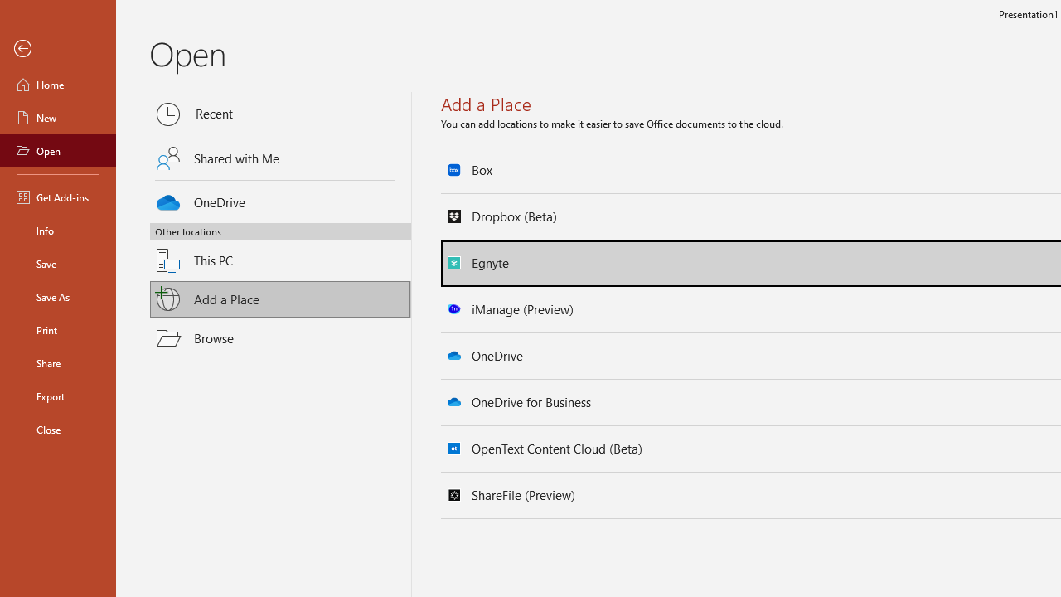 Image resolution: width=1061 pixels, height=597 pixels. What do you see at coordinates (57, 230) in the screenshot?
I see `'Info'` at bounding box center [57, 230].